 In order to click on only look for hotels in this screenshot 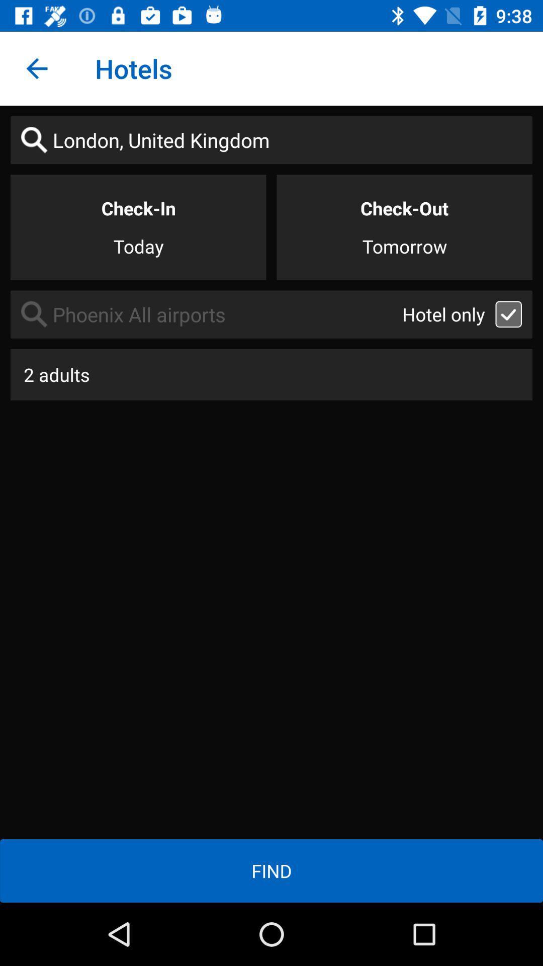, I will do `click(508, 313)`.